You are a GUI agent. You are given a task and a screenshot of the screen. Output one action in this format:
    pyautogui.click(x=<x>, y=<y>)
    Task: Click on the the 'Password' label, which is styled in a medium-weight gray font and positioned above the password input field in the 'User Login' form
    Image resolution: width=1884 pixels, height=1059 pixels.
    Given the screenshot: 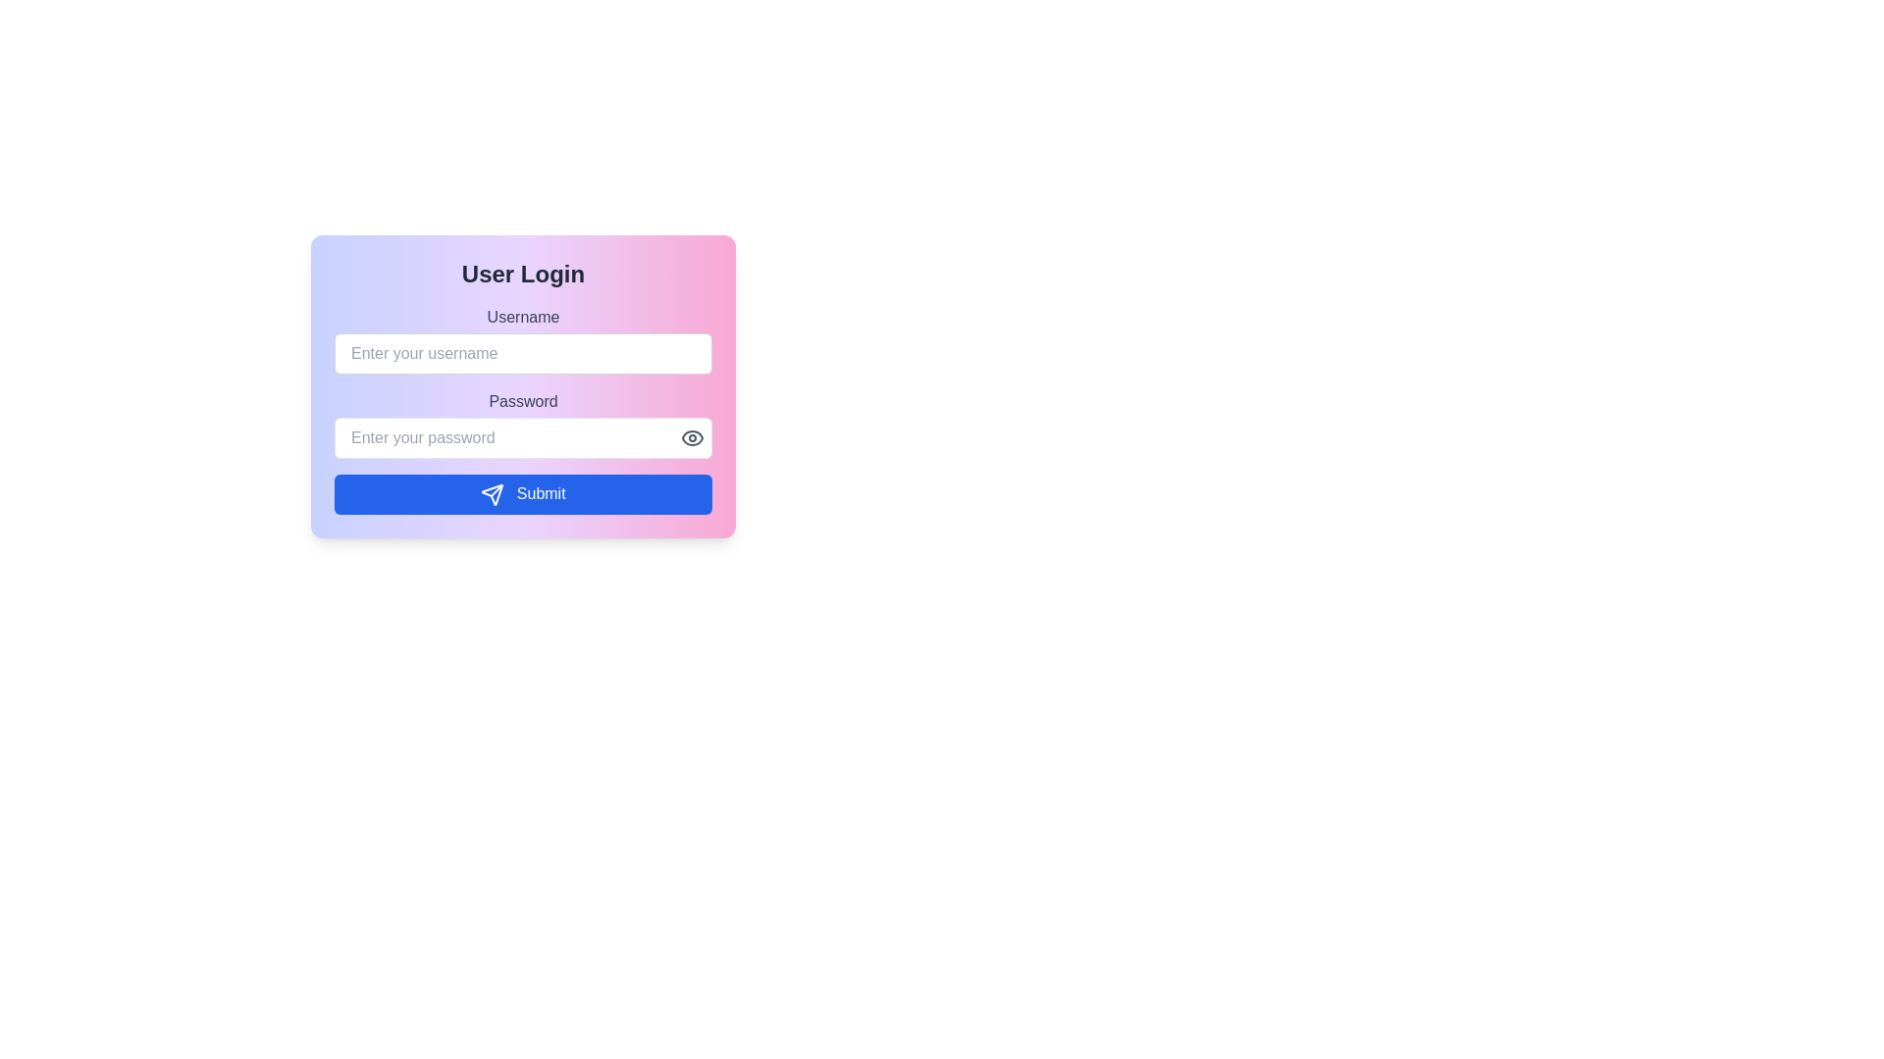 What is the action you would take?
    pyautogui.click(x=523, y=400)
    